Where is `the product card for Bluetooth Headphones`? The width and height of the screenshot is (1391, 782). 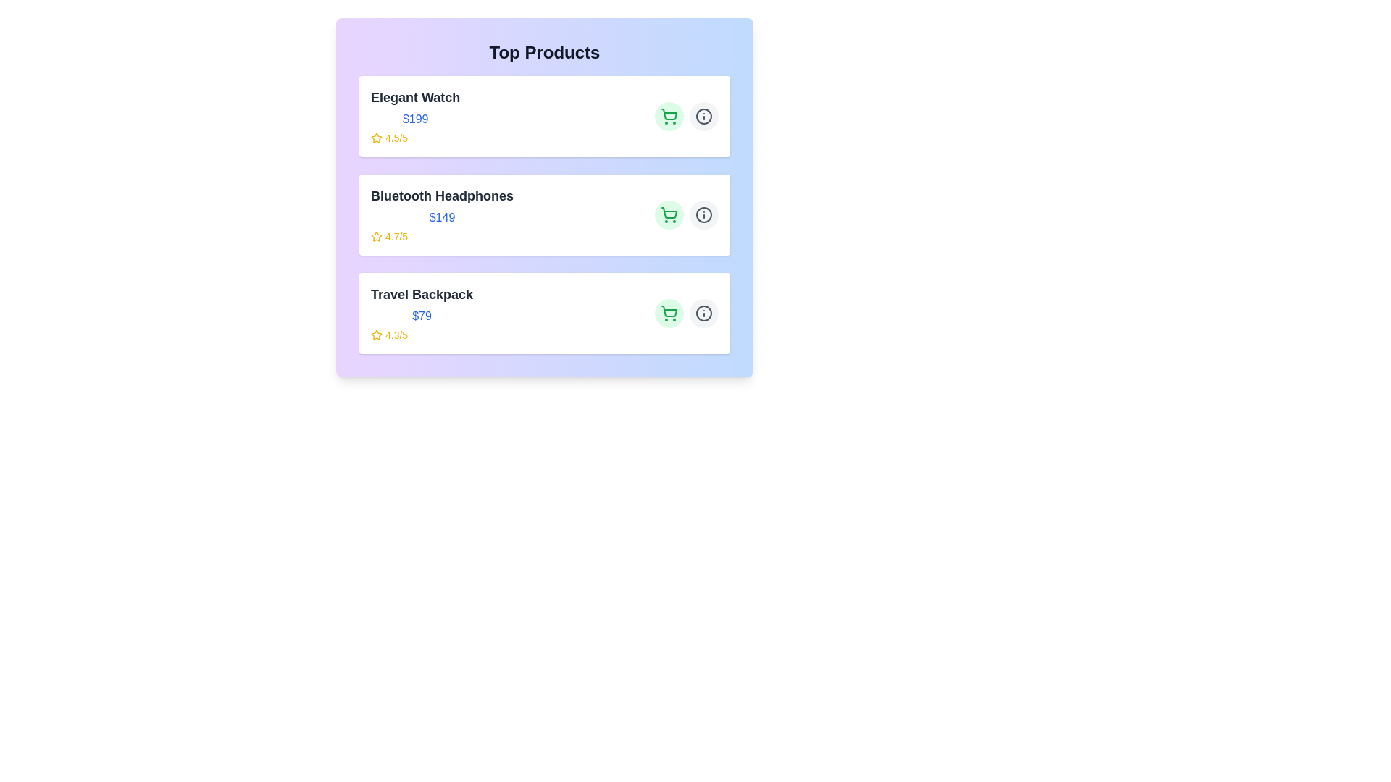 the product card for Bluetooth Headphones is located at coordinates (544, 215).